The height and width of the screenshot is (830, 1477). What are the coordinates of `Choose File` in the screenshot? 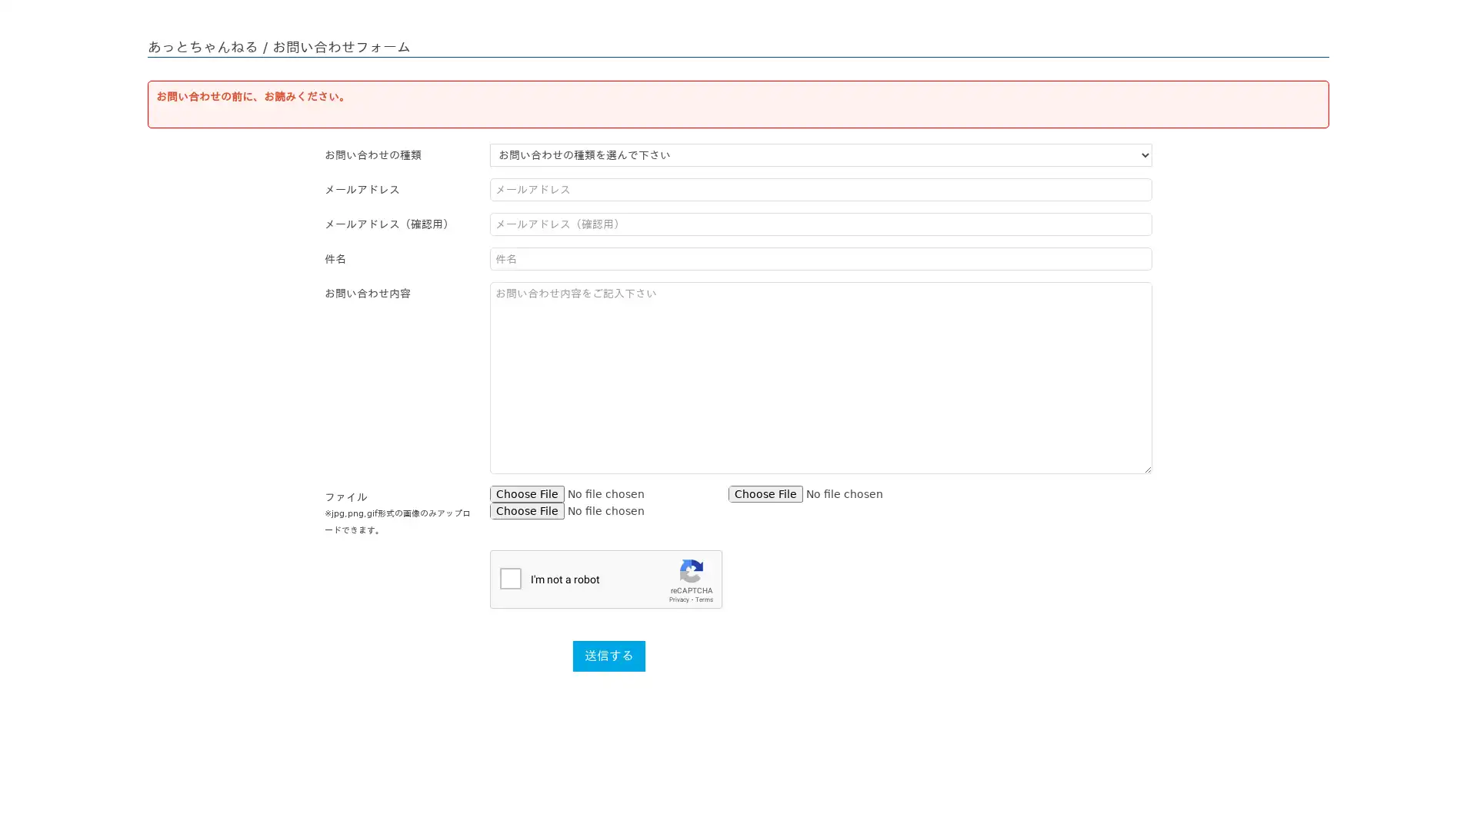 It's located at (527, 510).